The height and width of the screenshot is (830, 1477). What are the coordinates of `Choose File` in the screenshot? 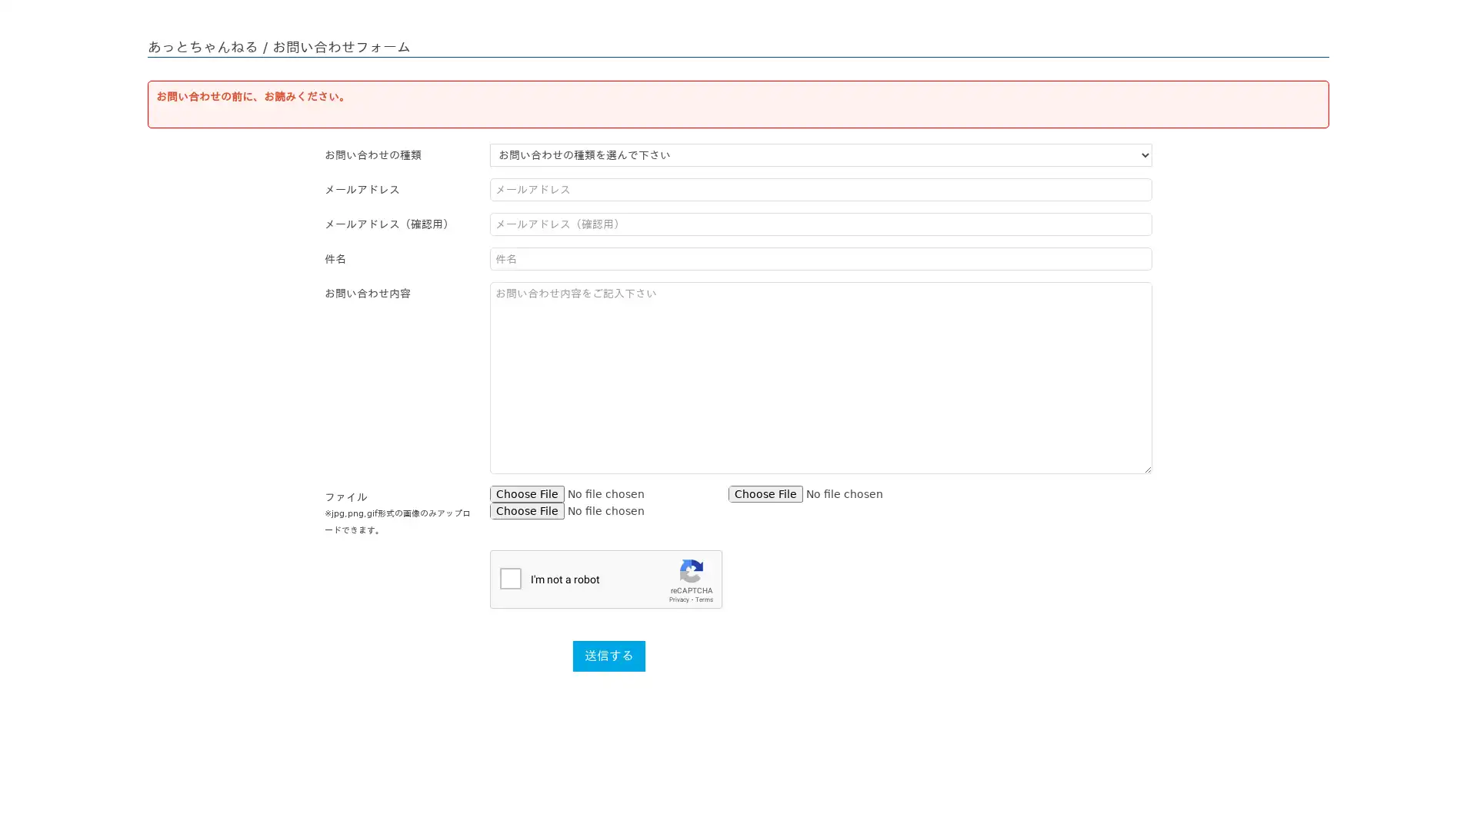 It's located at (527, 510).